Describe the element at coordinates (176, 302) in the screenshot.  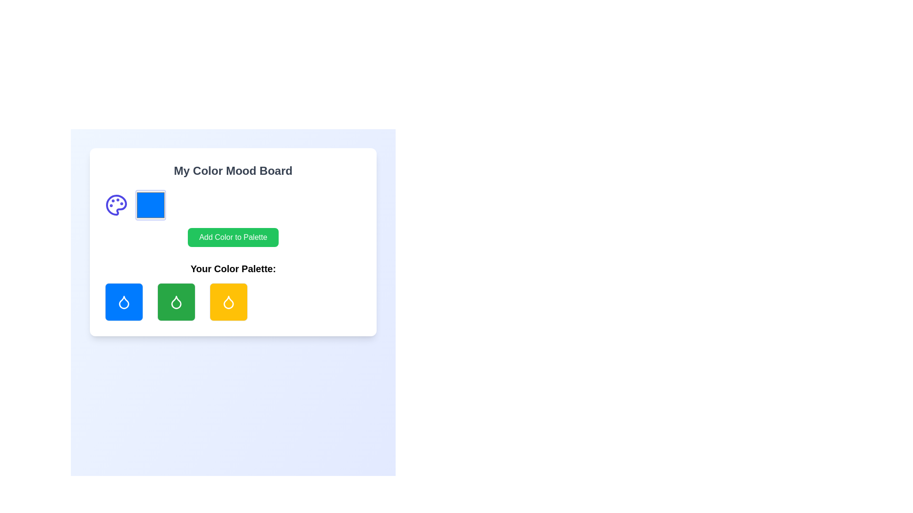
I see `the middle droplet icon with a green background in the color palette section` at that location.